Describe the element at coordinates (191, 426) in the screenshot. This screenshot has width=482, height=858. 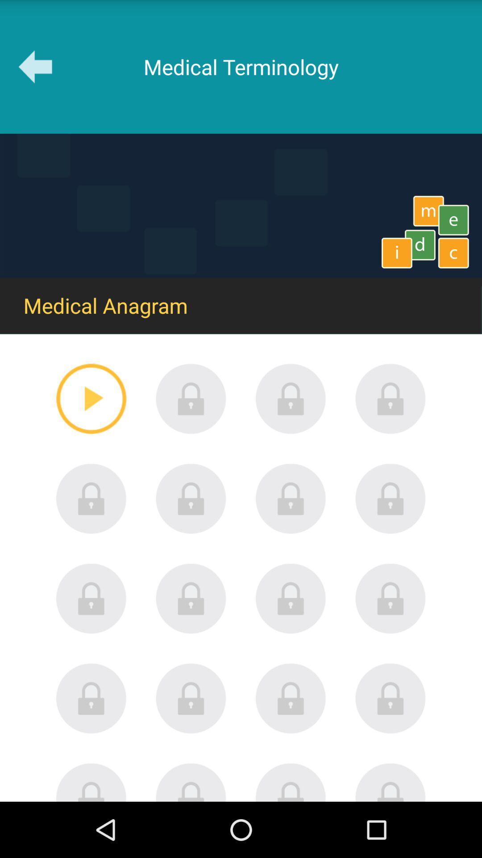
I see `the lock icon` at that location.